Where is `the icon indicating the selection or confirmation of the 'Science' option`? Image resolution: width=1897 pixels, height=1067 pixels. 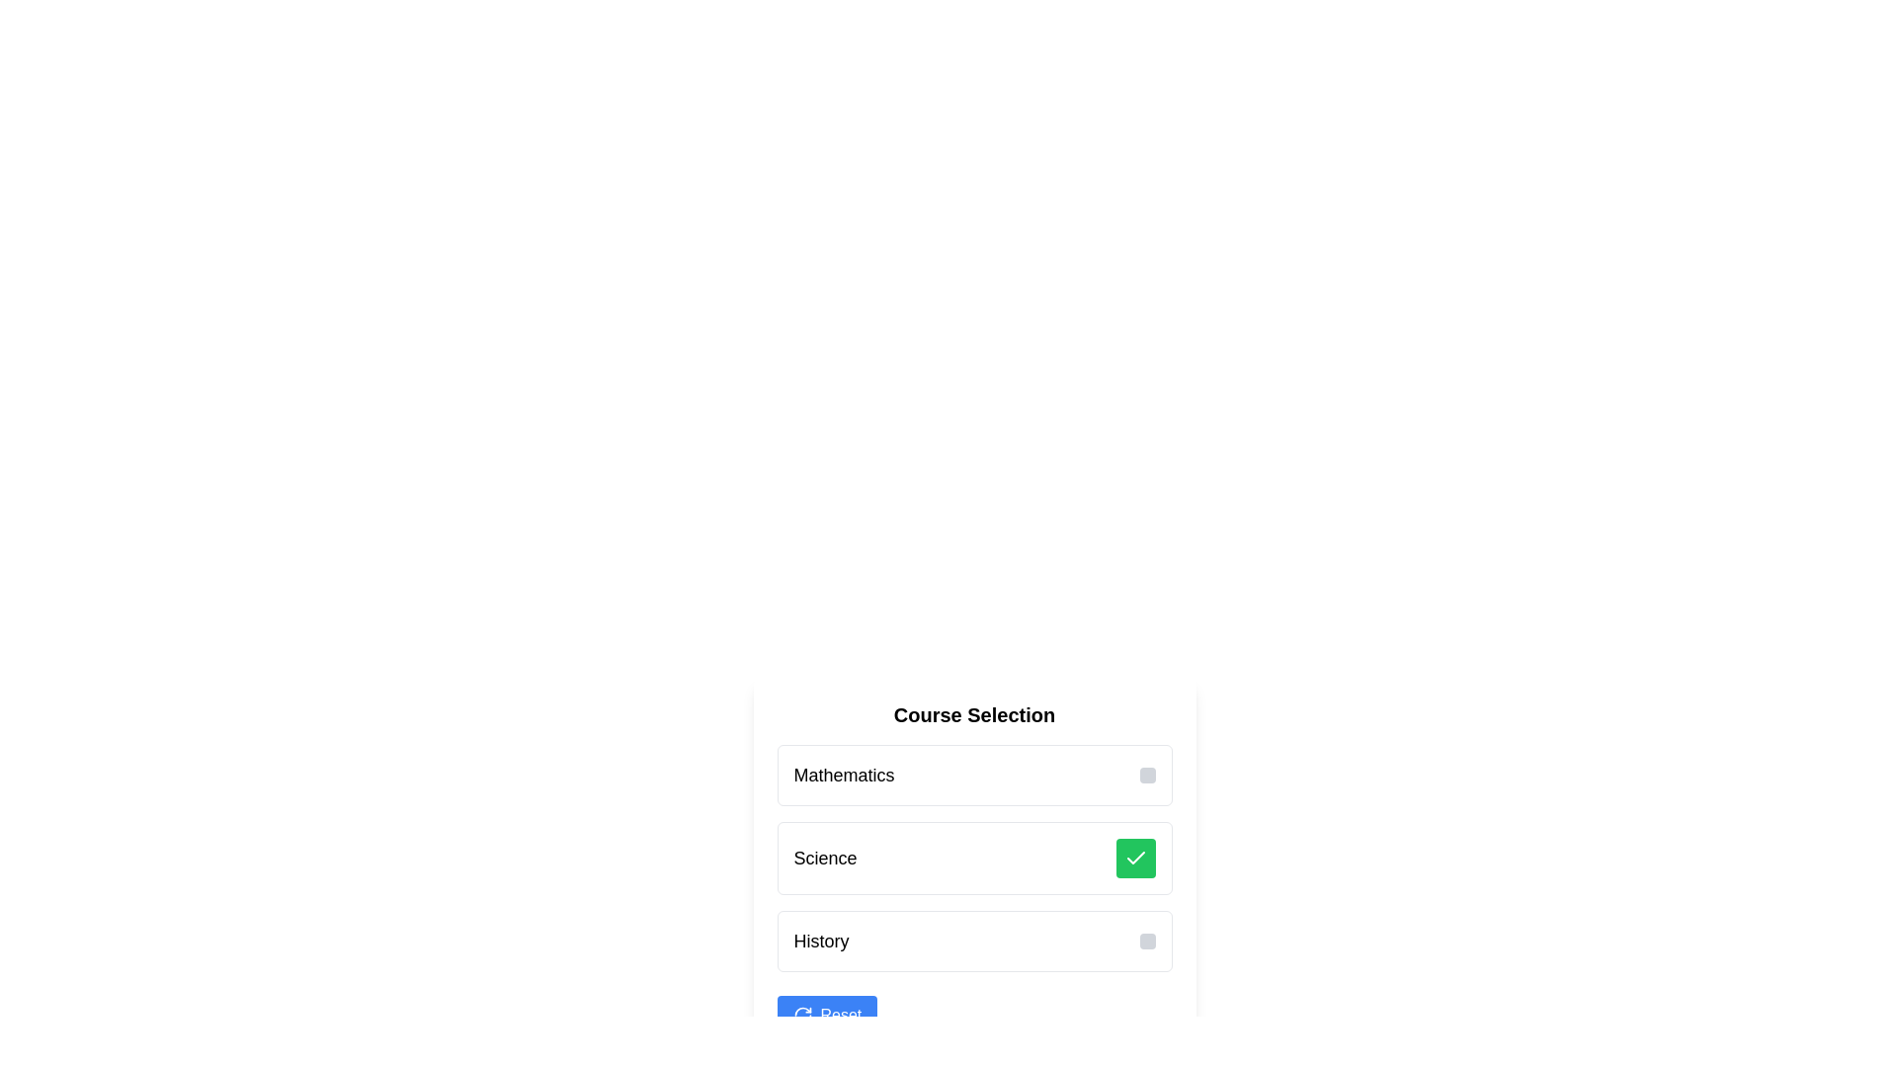 the icon indicating the selection or confirmation of the 'Science' option is located at coordinates (1135, 857).